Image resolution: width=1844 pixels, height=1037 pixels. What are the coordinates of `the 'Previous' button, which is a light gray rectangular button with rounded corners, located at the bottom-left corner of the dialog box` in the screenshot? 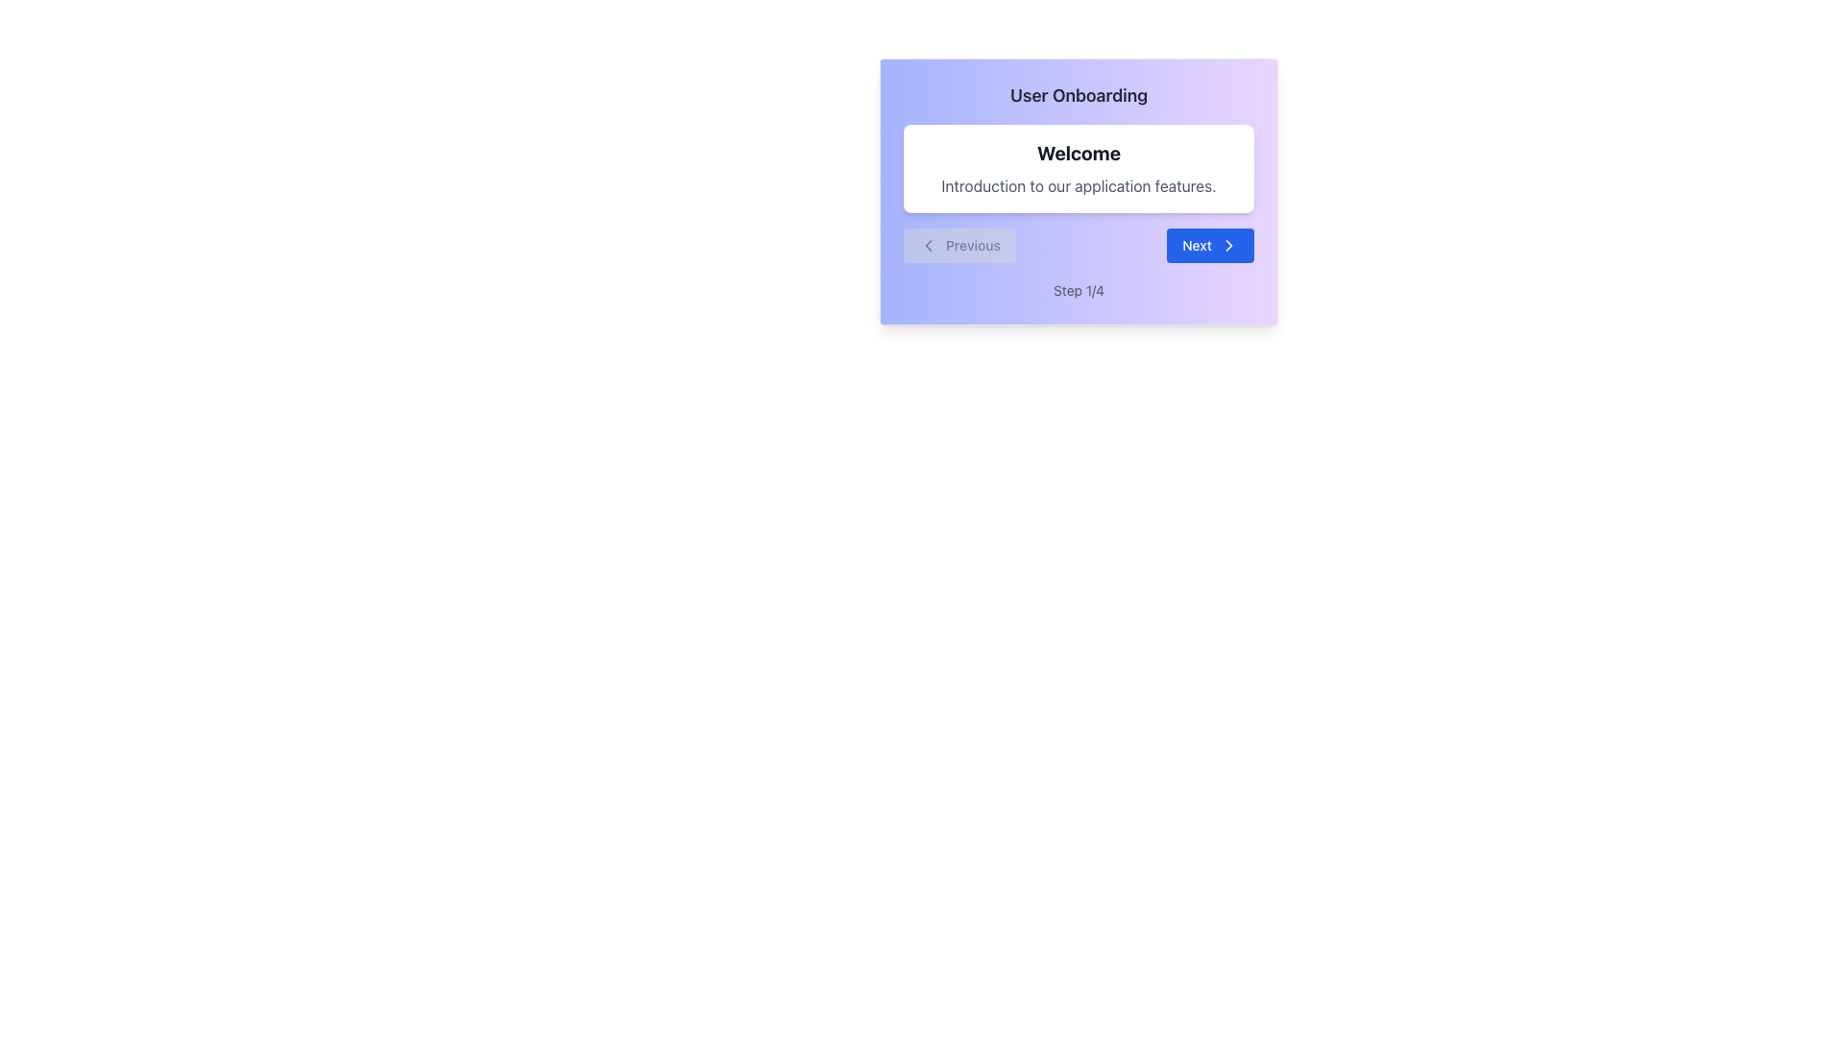 It's located at (959, 244).